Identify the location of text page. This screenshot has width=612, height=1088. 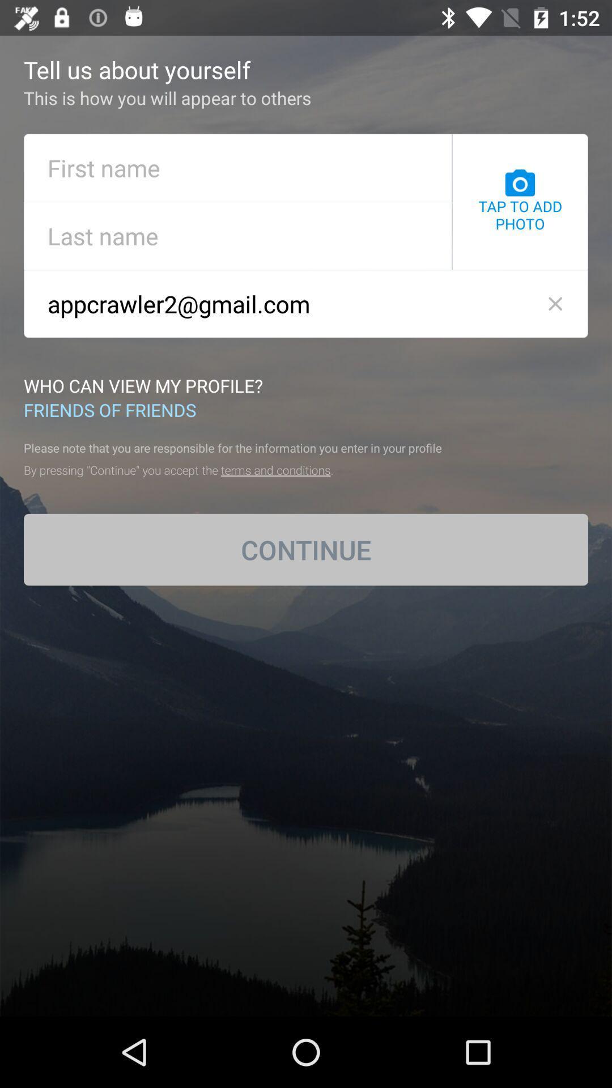
(237, 167).